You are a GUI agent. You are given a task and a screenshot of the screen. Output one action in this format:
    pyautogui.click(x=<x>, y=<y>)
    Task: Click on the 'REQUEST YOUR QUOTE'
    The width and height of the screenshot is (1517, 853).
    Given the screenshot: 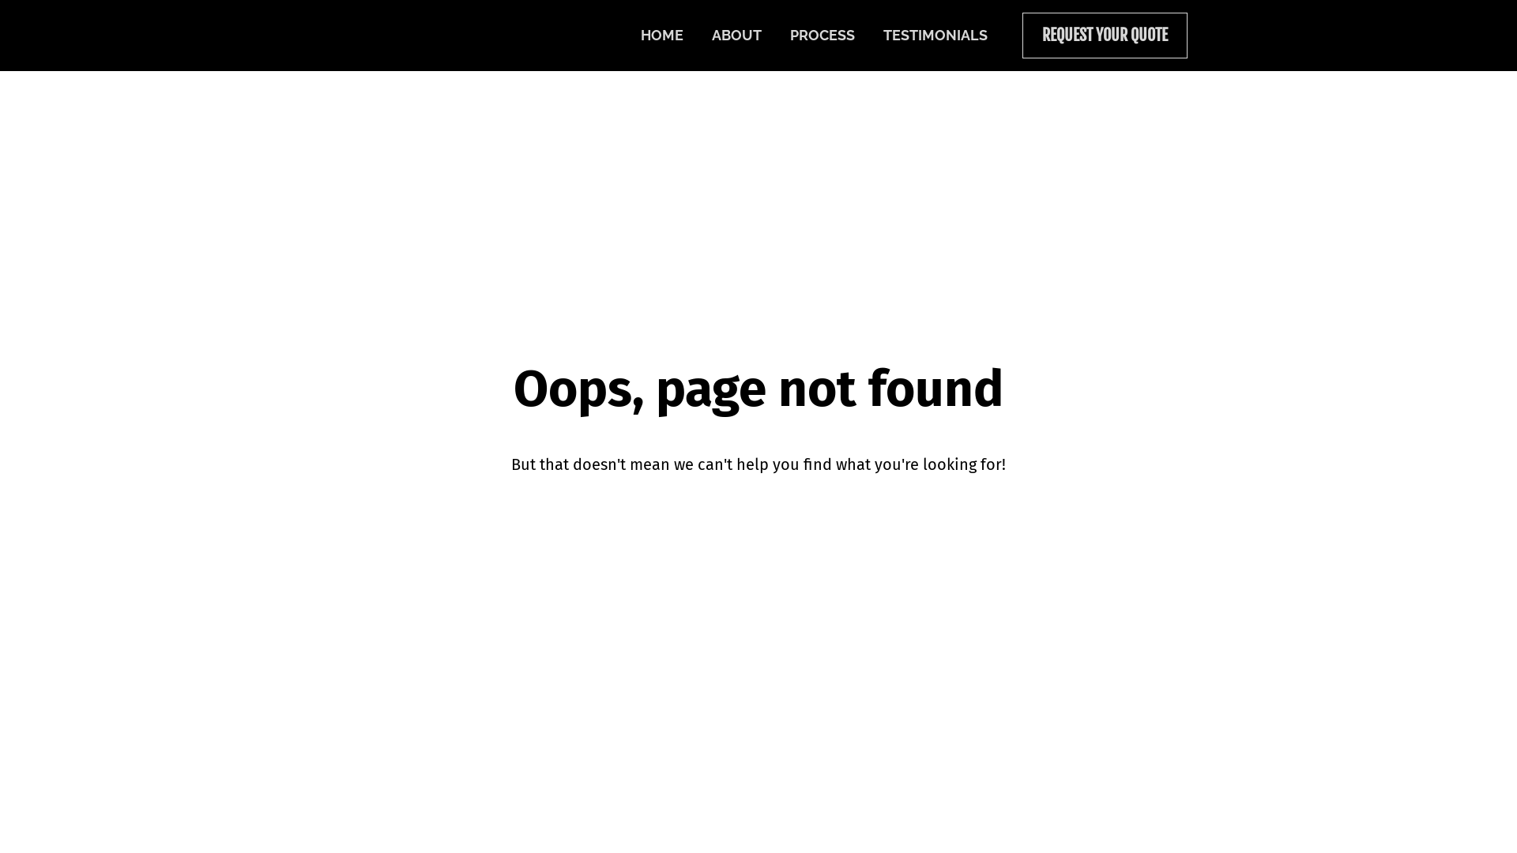 What is the action you would take?
    pyautogui.click(x=1104, y=36)
    